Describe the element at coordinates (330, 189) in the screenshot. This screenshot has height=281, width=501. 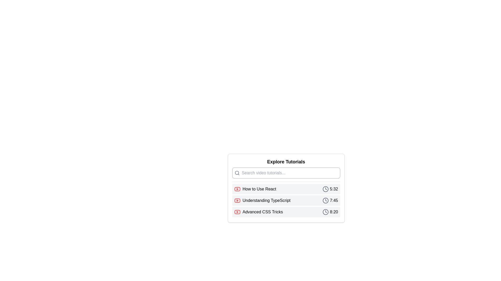
I see `the time duration indicator displaying '5:32' with a clock icon in the first tutorial entry titled 'How to Use React'` at that location.